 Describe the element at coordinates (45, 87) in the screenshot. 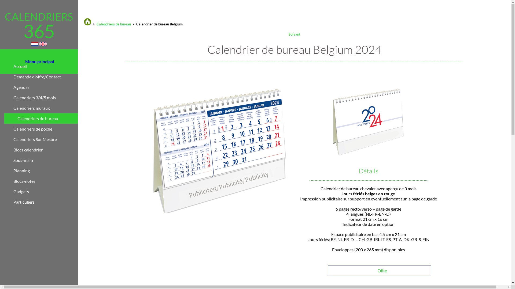

I see `'Agendas'` at that location.